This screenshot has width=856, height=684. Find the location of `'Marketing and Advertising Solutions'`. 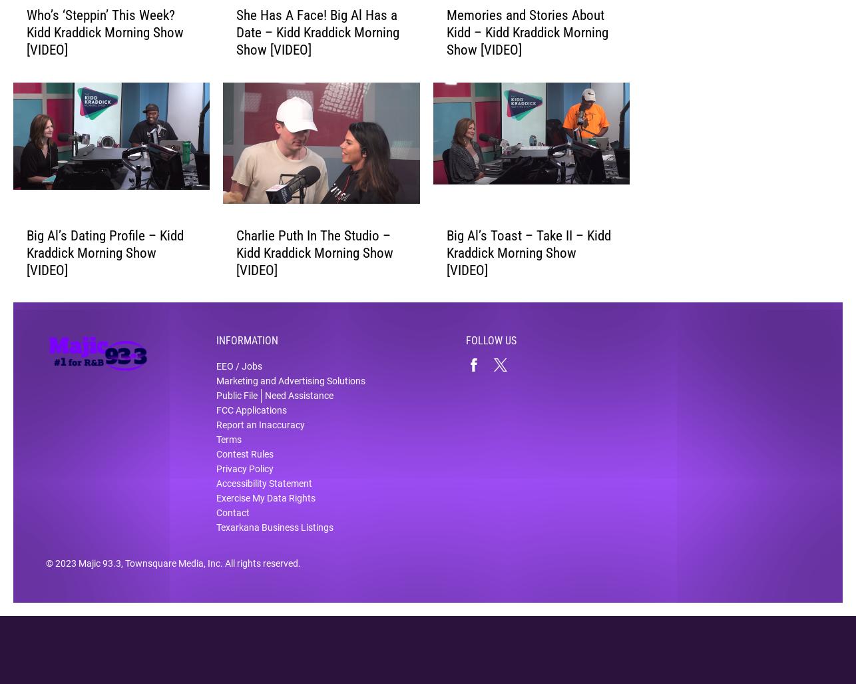

'Marketing and Advertising Solutions' is located at coordinates (290, 390).